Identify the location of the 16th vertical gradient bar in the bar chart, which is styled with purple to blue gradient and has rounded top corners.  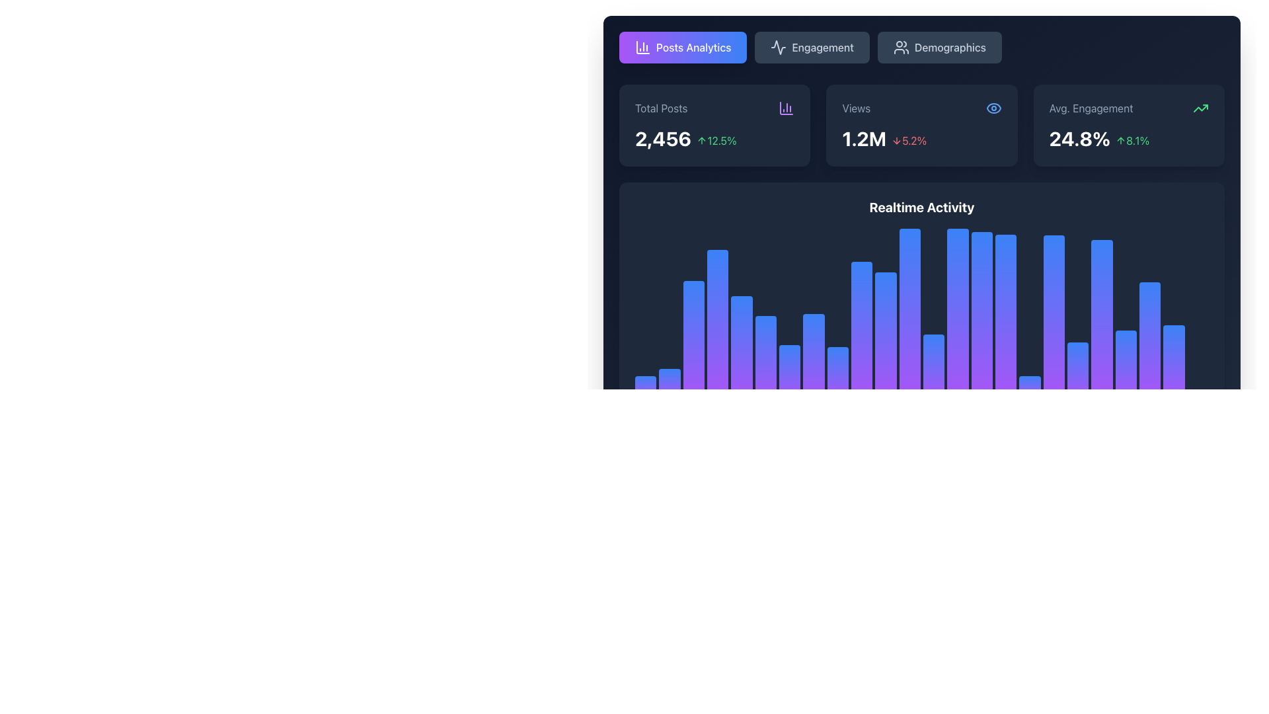
(1005, 370).